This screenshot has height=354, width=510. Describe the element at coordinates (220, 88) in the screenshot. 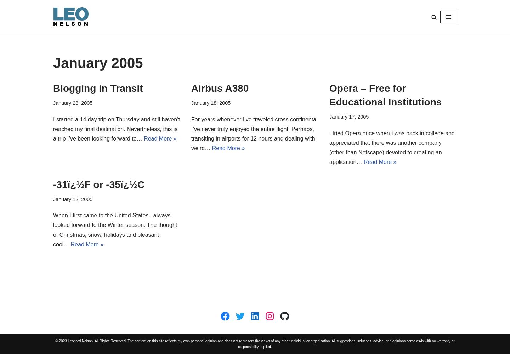

I see `'Airbus A380'` at that location.